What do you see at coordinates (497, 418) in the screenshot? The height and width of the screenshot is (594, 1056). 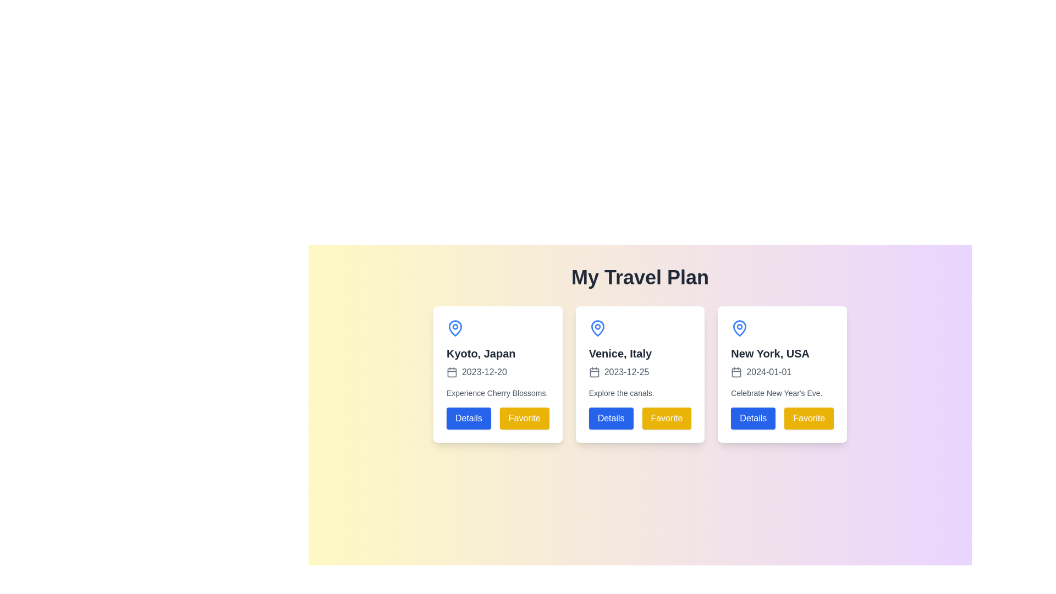 I see `the 'Favorite' button located at the bottom of the first travel destination card, directly below the description text 'Experience Cherry Blossoms'` at bounding box center [497, 418].